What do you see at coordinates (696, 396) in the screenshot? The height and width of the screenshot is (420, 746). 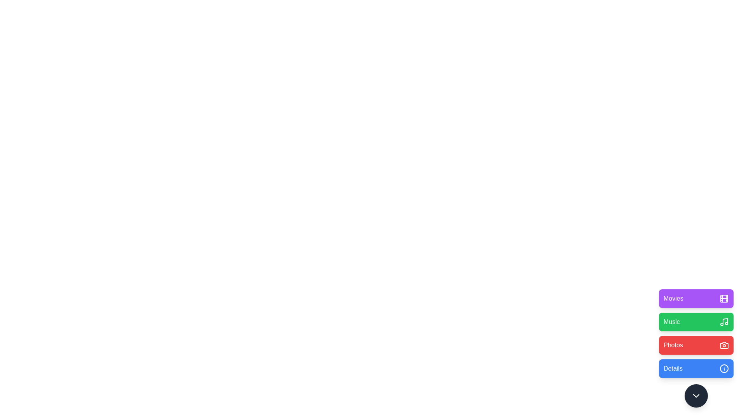 I see `toggle button to collapse or expand the menu` at bounding box center [696, 396].